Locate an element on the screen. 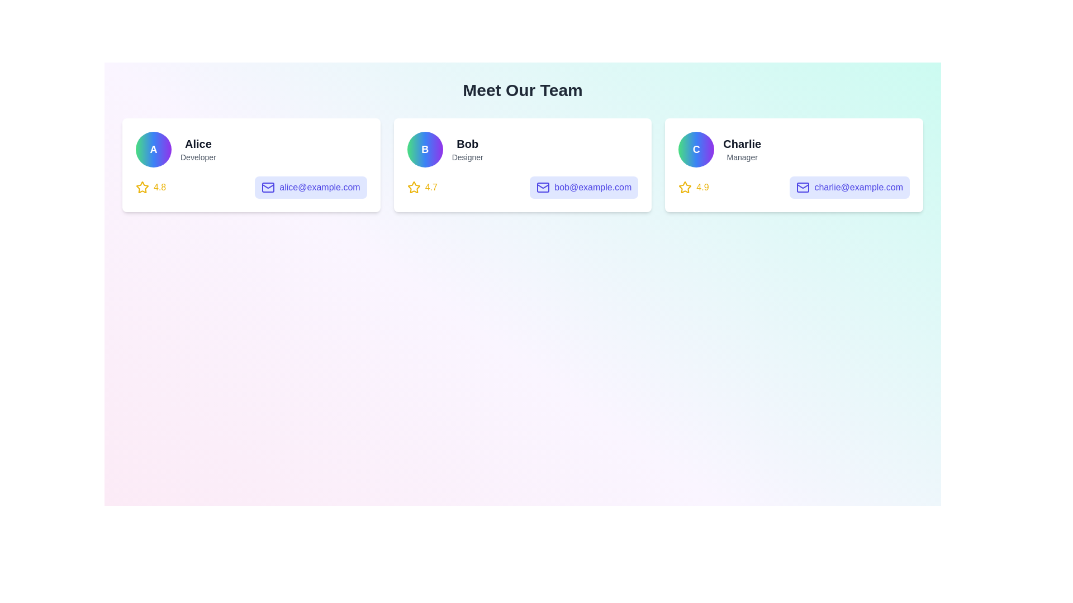 The width and height of the screenshot is (1073, 603). the contact link text 'alice@example.com', styled with a blue, bold font and located adjacent to a mail icon is located at coordinates (319, 186).